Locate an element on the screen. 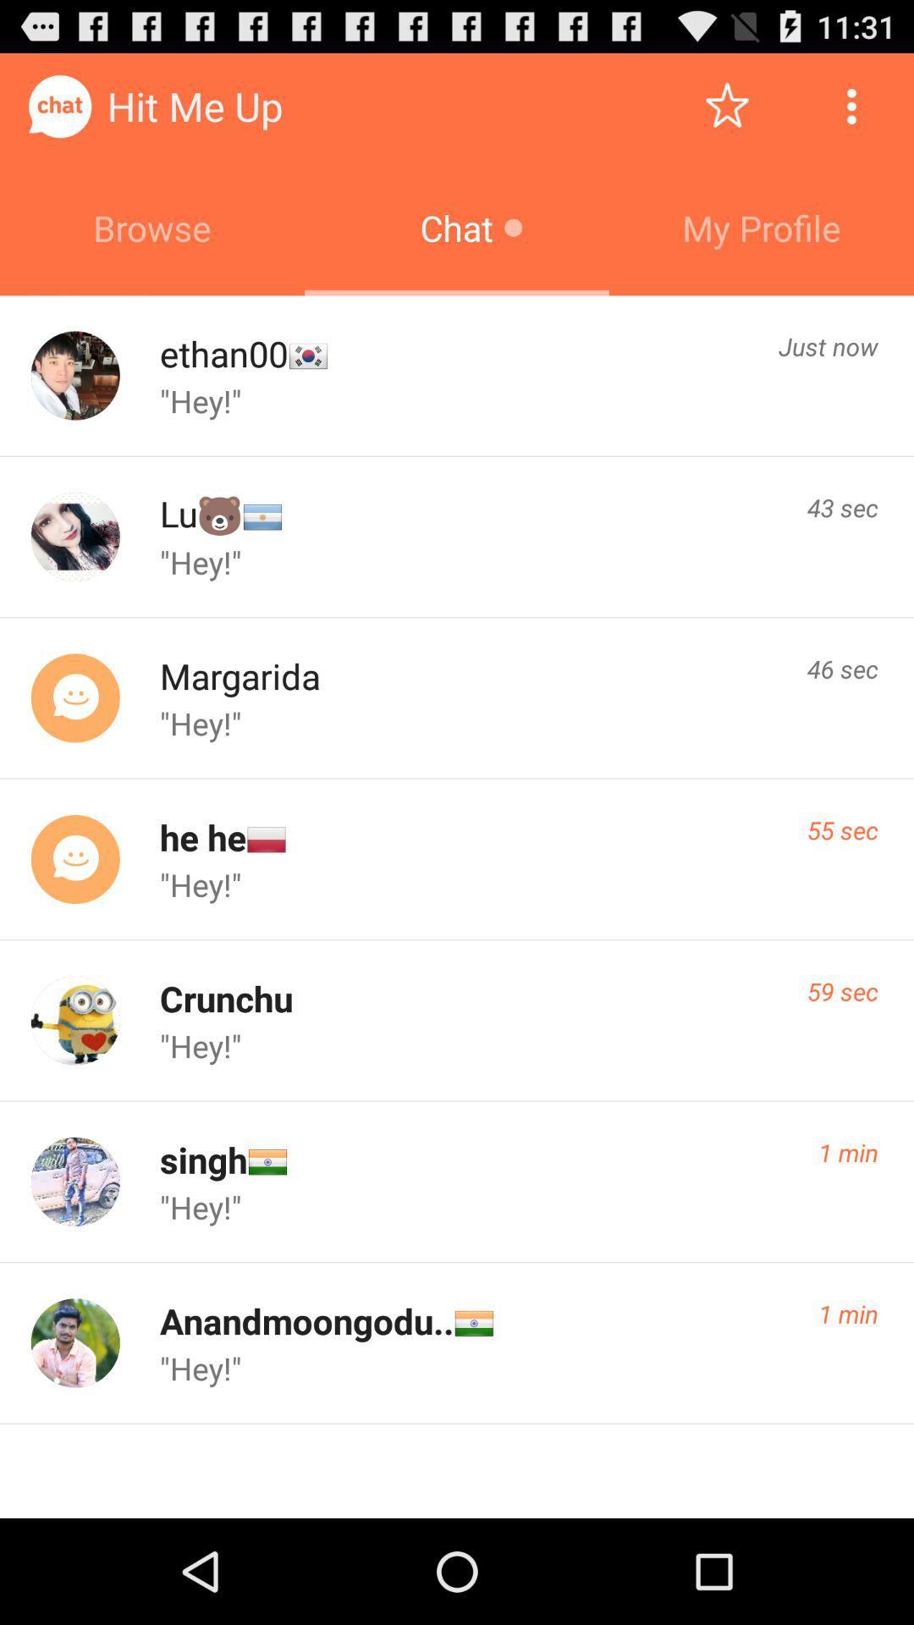 The height and width of the screenshot is (1625, 914). icon below browse icon is located at coordinates (223, 352).